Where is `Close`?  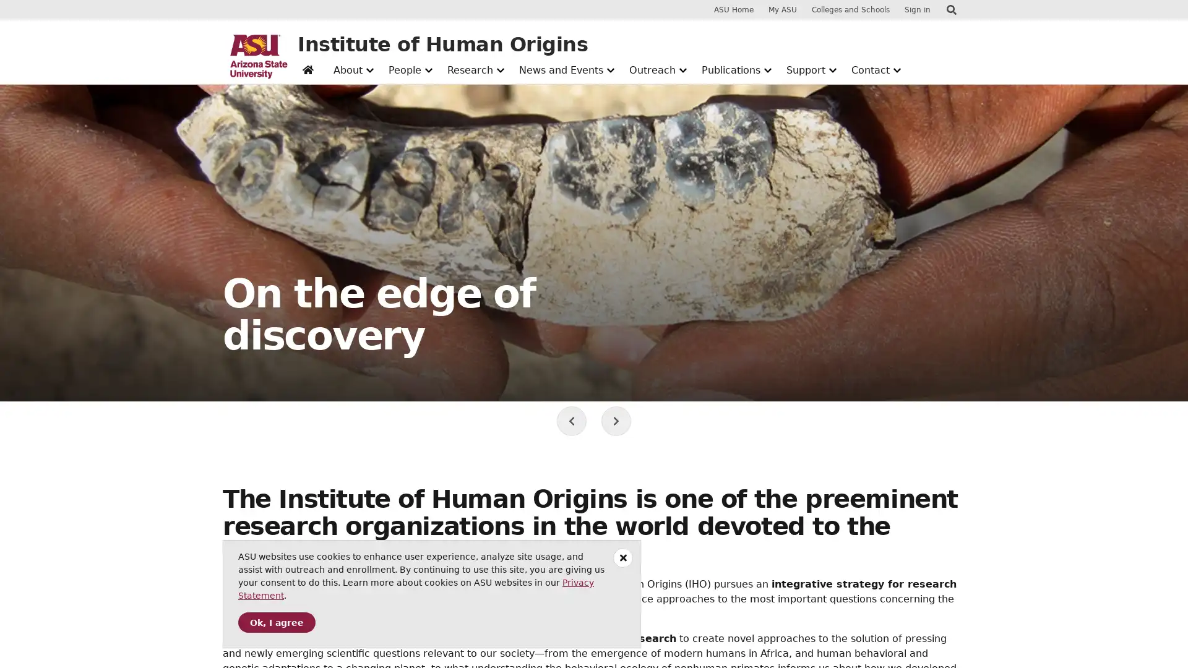 Close is located at coordinates (623, 558).